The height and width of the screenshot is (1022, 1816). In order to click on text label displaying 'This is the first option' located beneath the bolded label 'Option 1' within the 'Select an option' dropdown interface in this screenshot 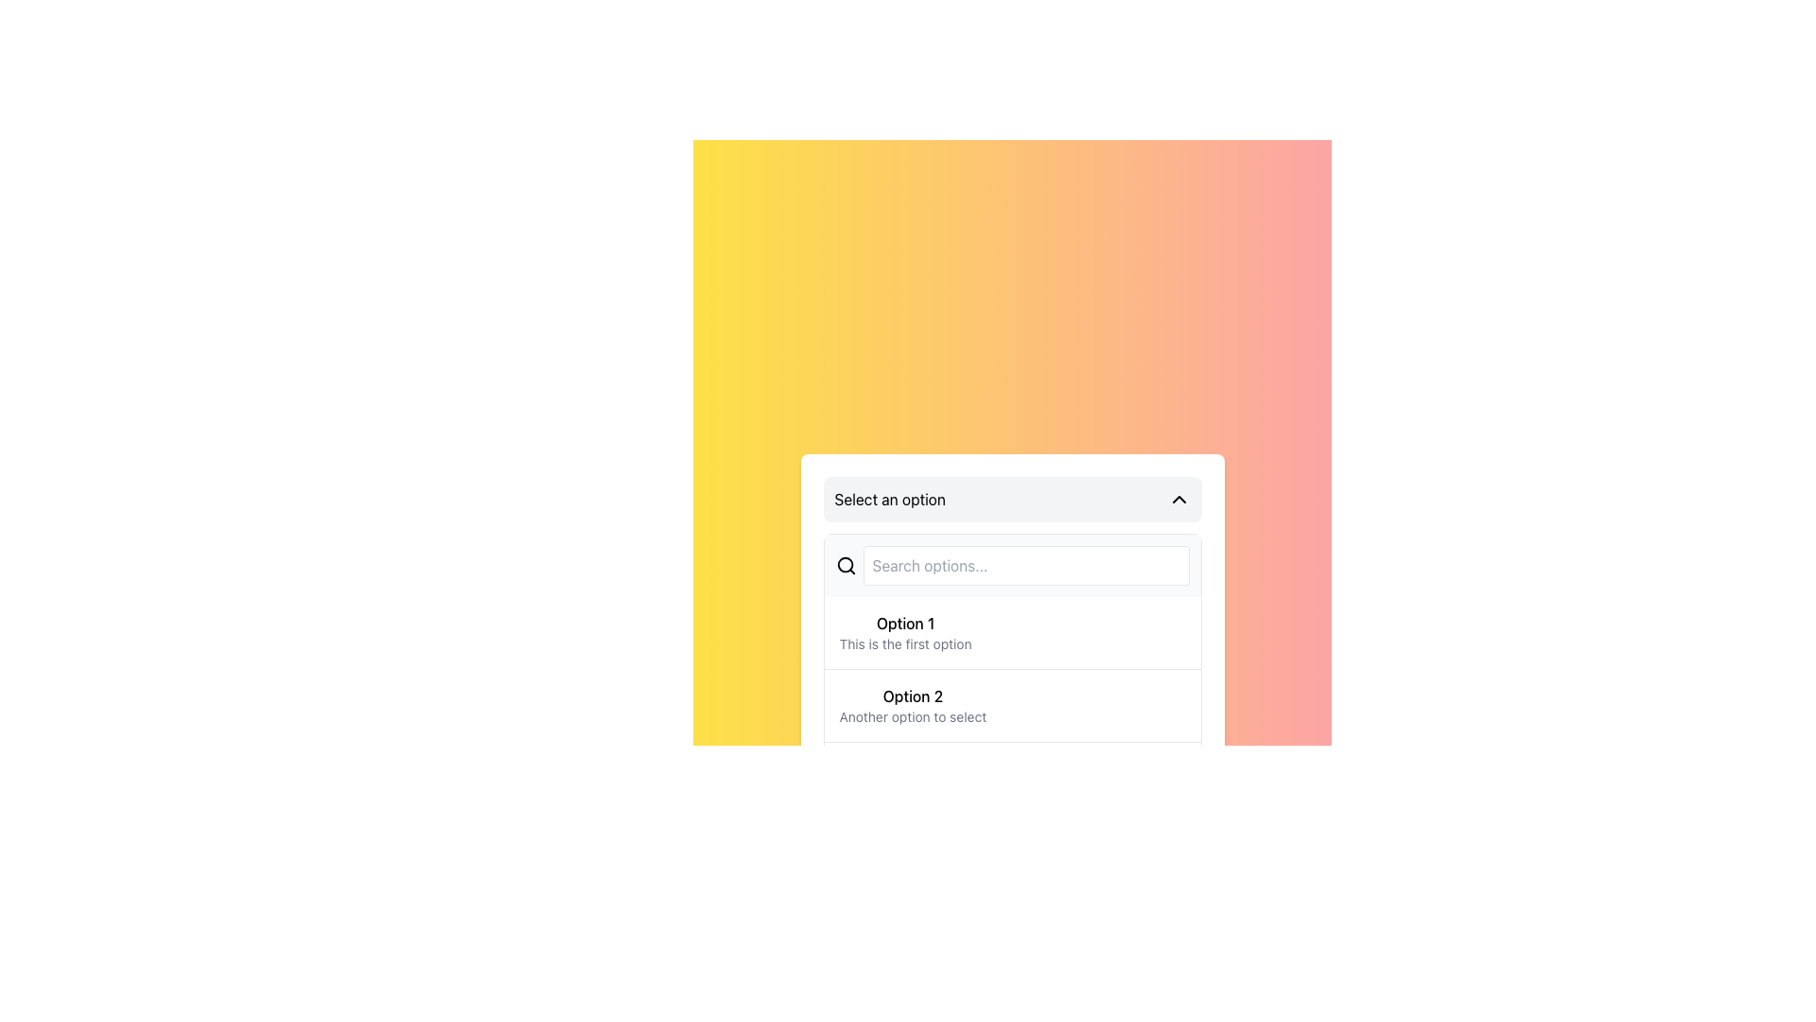, I will do `click(904, 643)`.